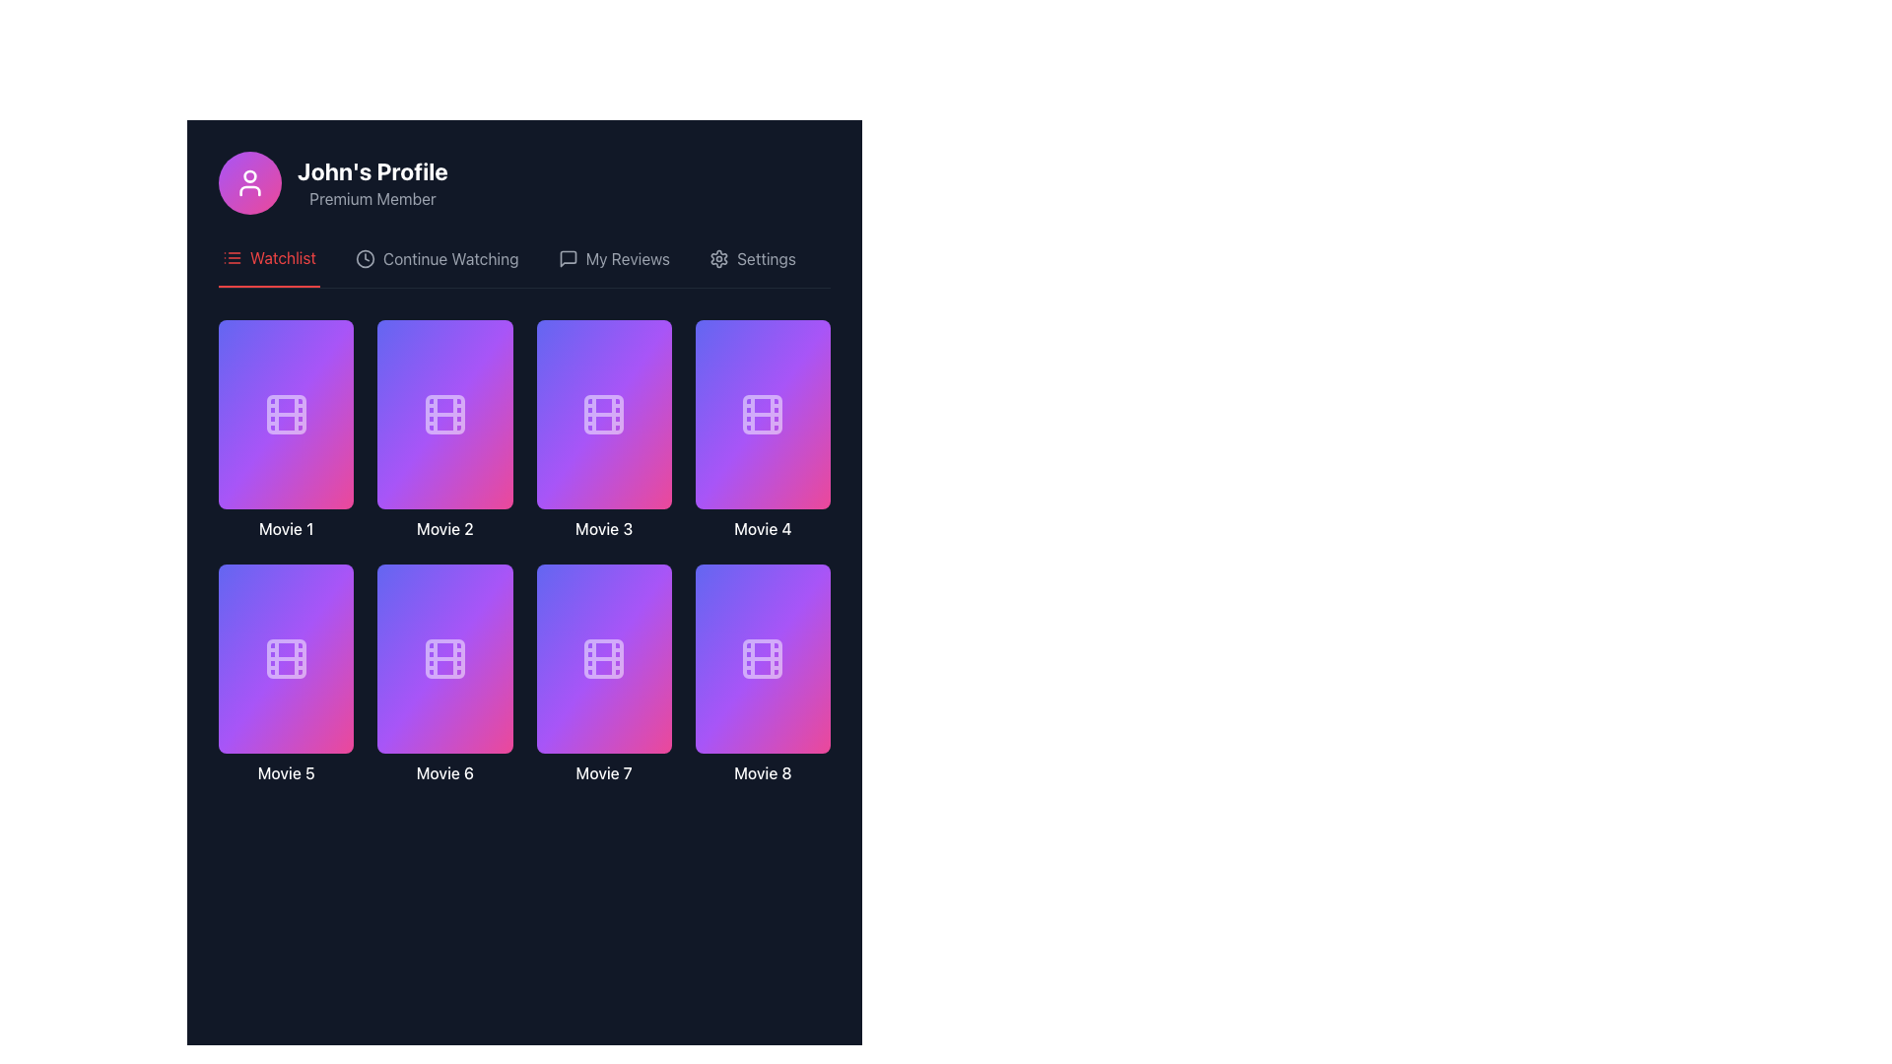  Describe the element at coordinates (762, 413) in the screenshot. I see `the decorative card with a film reel icon, which is the fourth item` at that location.